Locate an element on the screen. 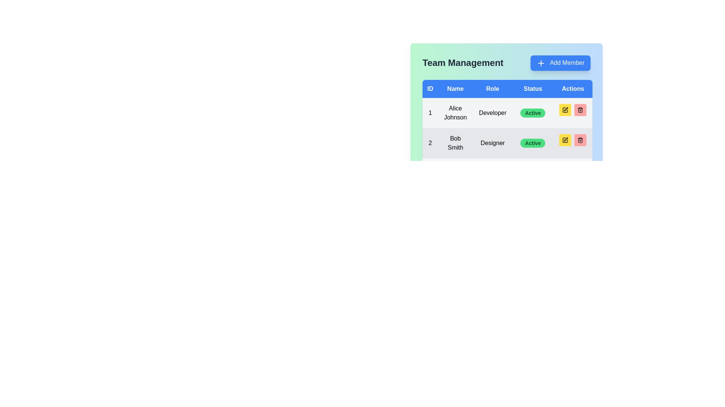 This screenshot has height=407, width=725. the text label in the second column of the table header that indicates the names of team members, located between the 'ID' and 'Role' headers is located at coordinates (455, 88).